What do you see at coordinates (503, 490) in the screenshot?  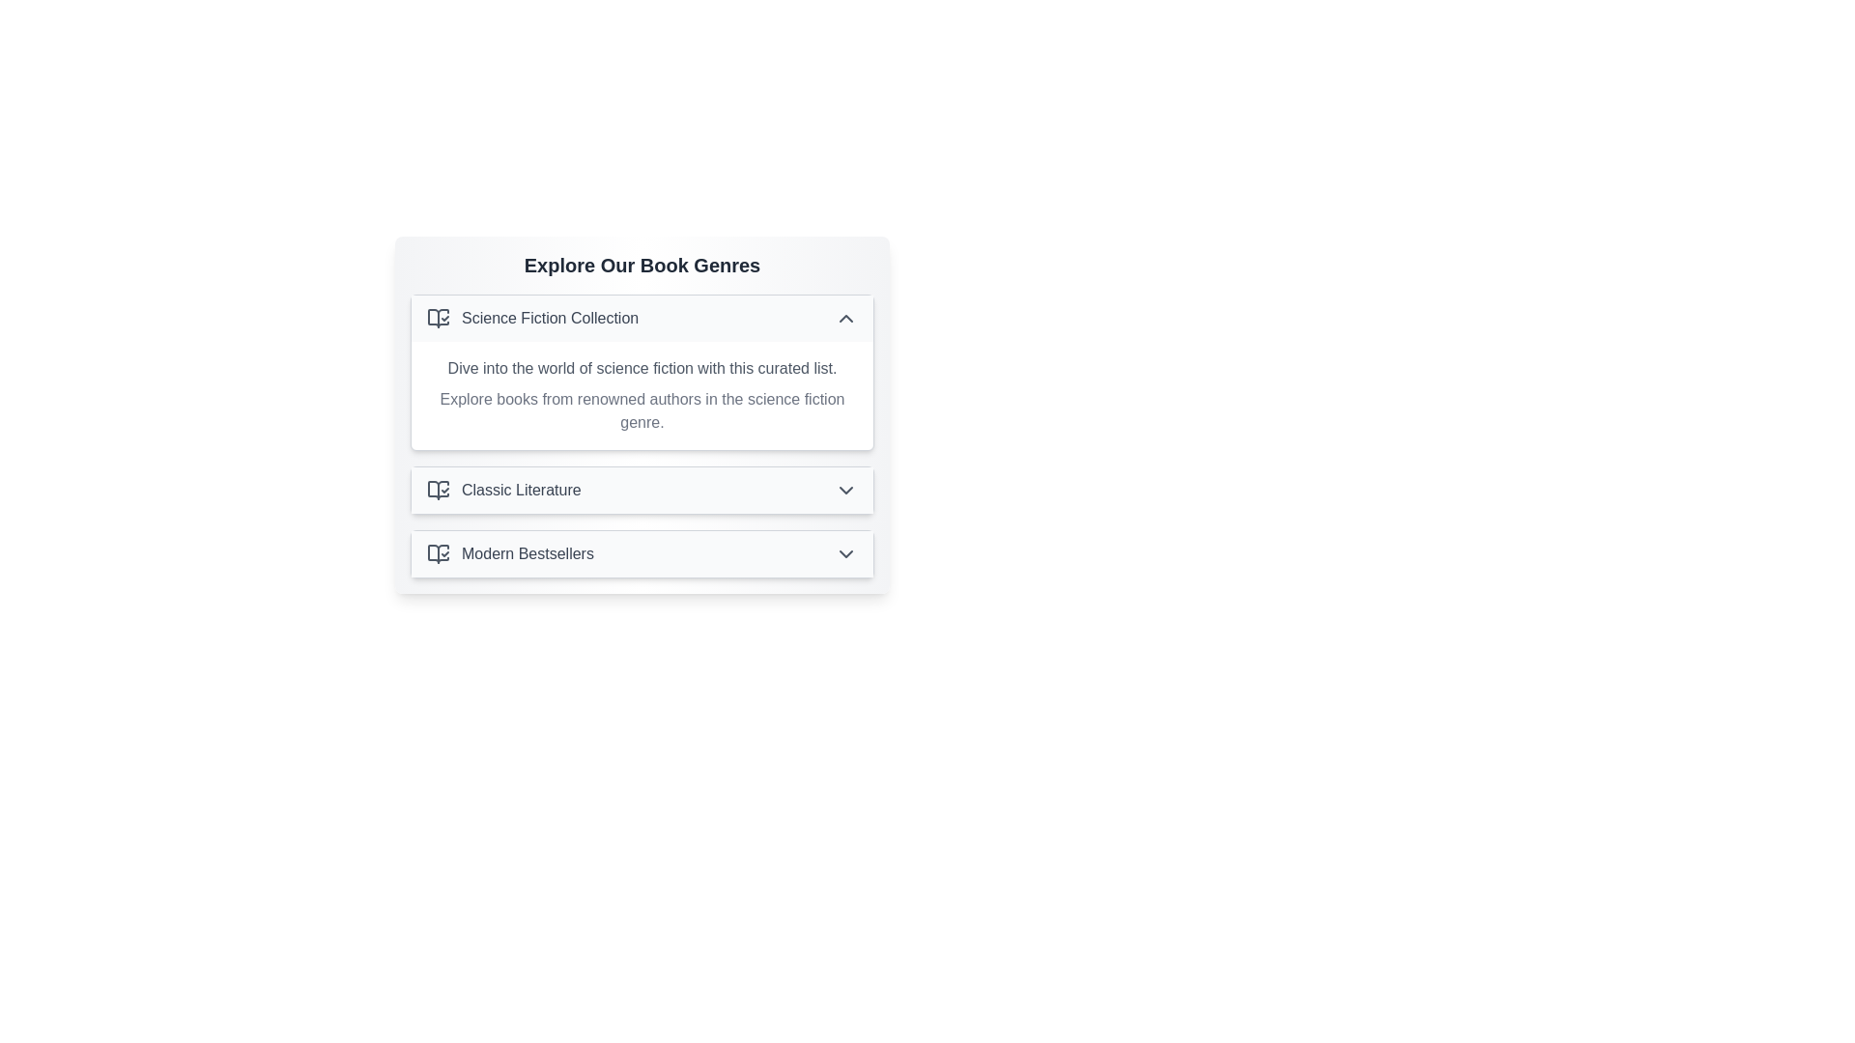 I see `the clickable list item labeled 'Classic Literature', which features a book icon with a checkmark on the left and is positioned between 'Science Fiction Collection' and 'Modern Bestsellers' under the 'Explore Our Book Genres' section` at bounding box center [503, 490].